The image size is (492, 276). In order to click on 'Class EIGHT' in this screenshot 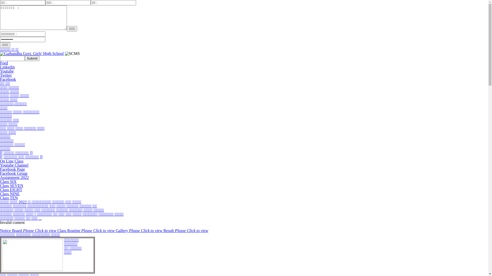, I will do `click(0, 190)`.